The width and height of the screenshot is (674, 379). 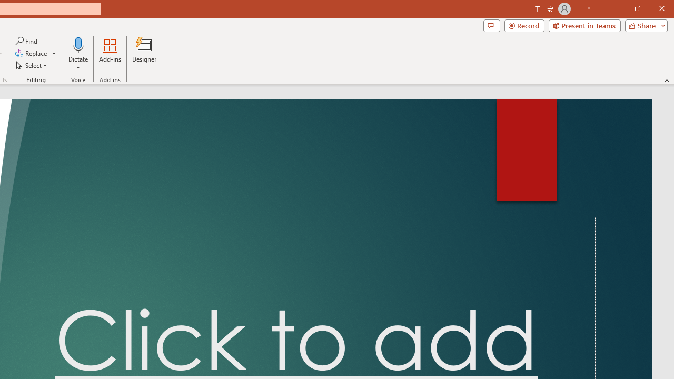 What do you see at coordinates (32, 65) in the screenshot?
I see `'Select'` at bounding box center [32, 65].